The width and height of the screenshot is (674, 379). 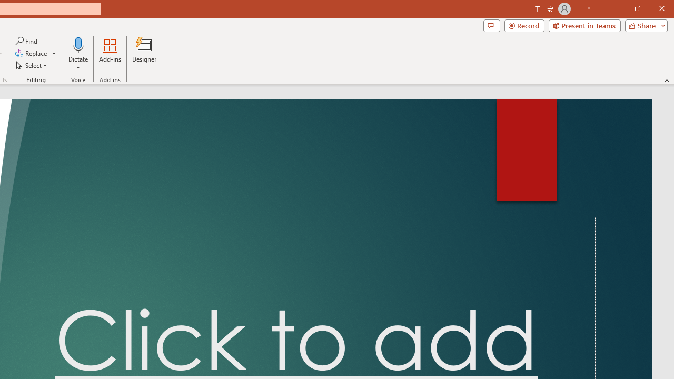 What do you see at coordinates (32, 65) in the screenshot?
I see `'Select'` at bounding box center [32, 65].